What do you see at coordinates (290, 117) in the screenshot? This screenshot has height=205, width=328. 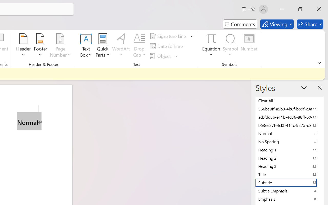 I see `'acbfdd8b-e11b-4d36-88ff-6049b138f862'` at bounding box center [290, 117].